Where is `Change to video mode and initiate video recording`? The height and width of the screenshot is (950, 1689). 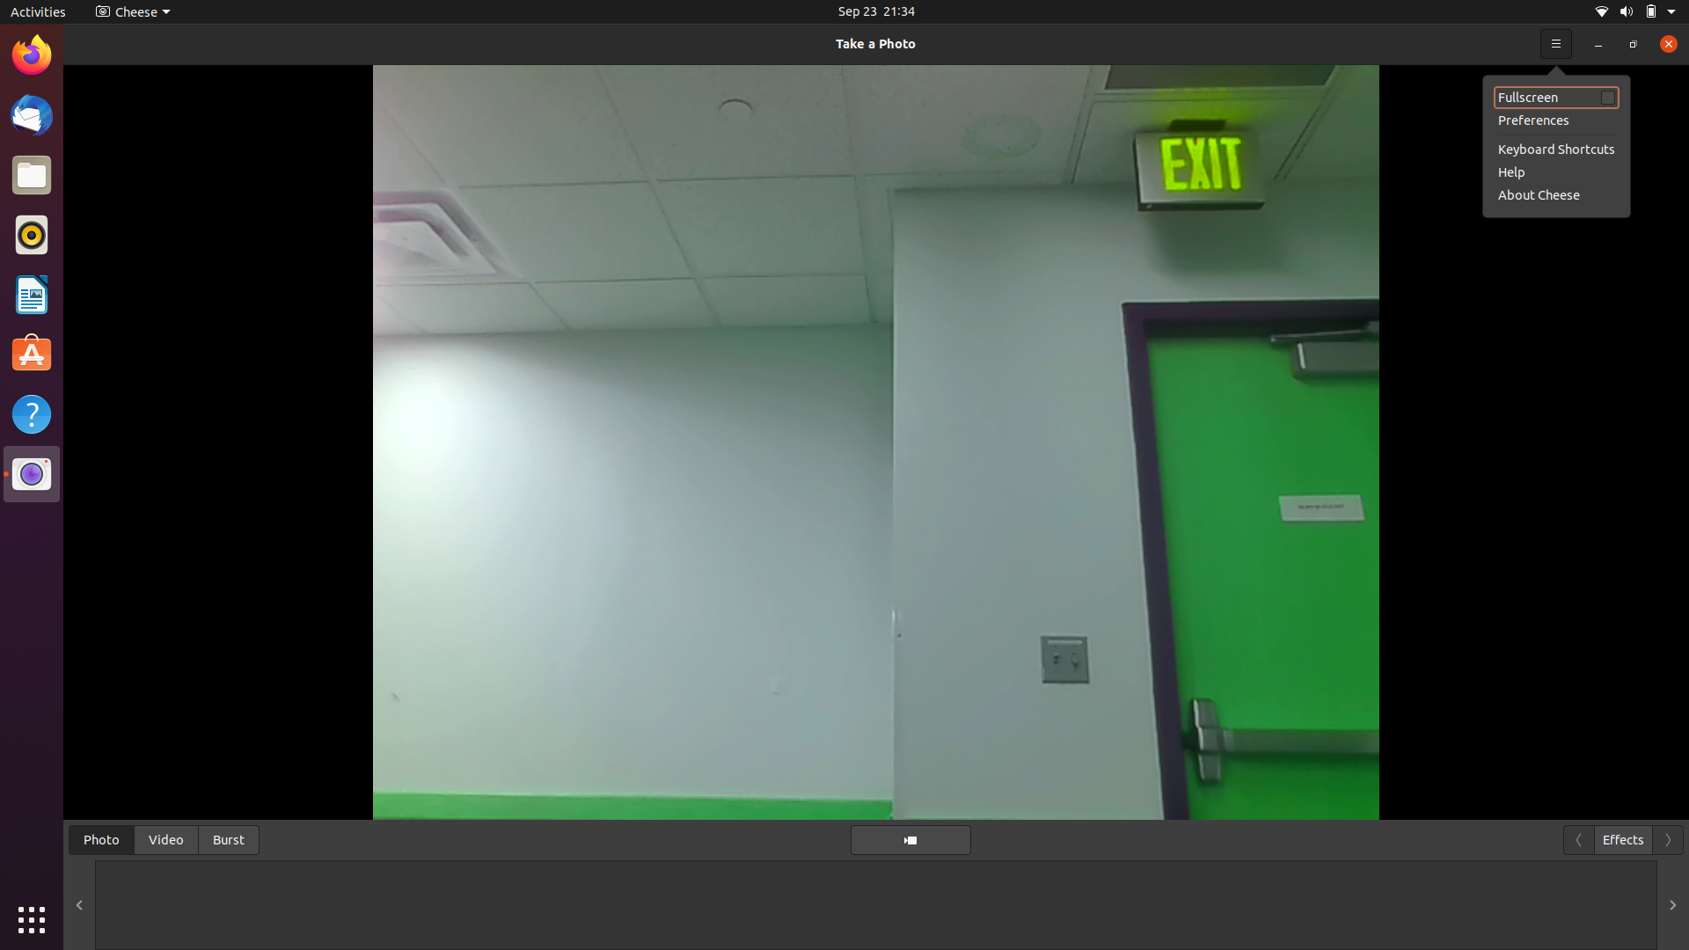
Change to video mode and initiate video recording is located at coordinates (165, 837).